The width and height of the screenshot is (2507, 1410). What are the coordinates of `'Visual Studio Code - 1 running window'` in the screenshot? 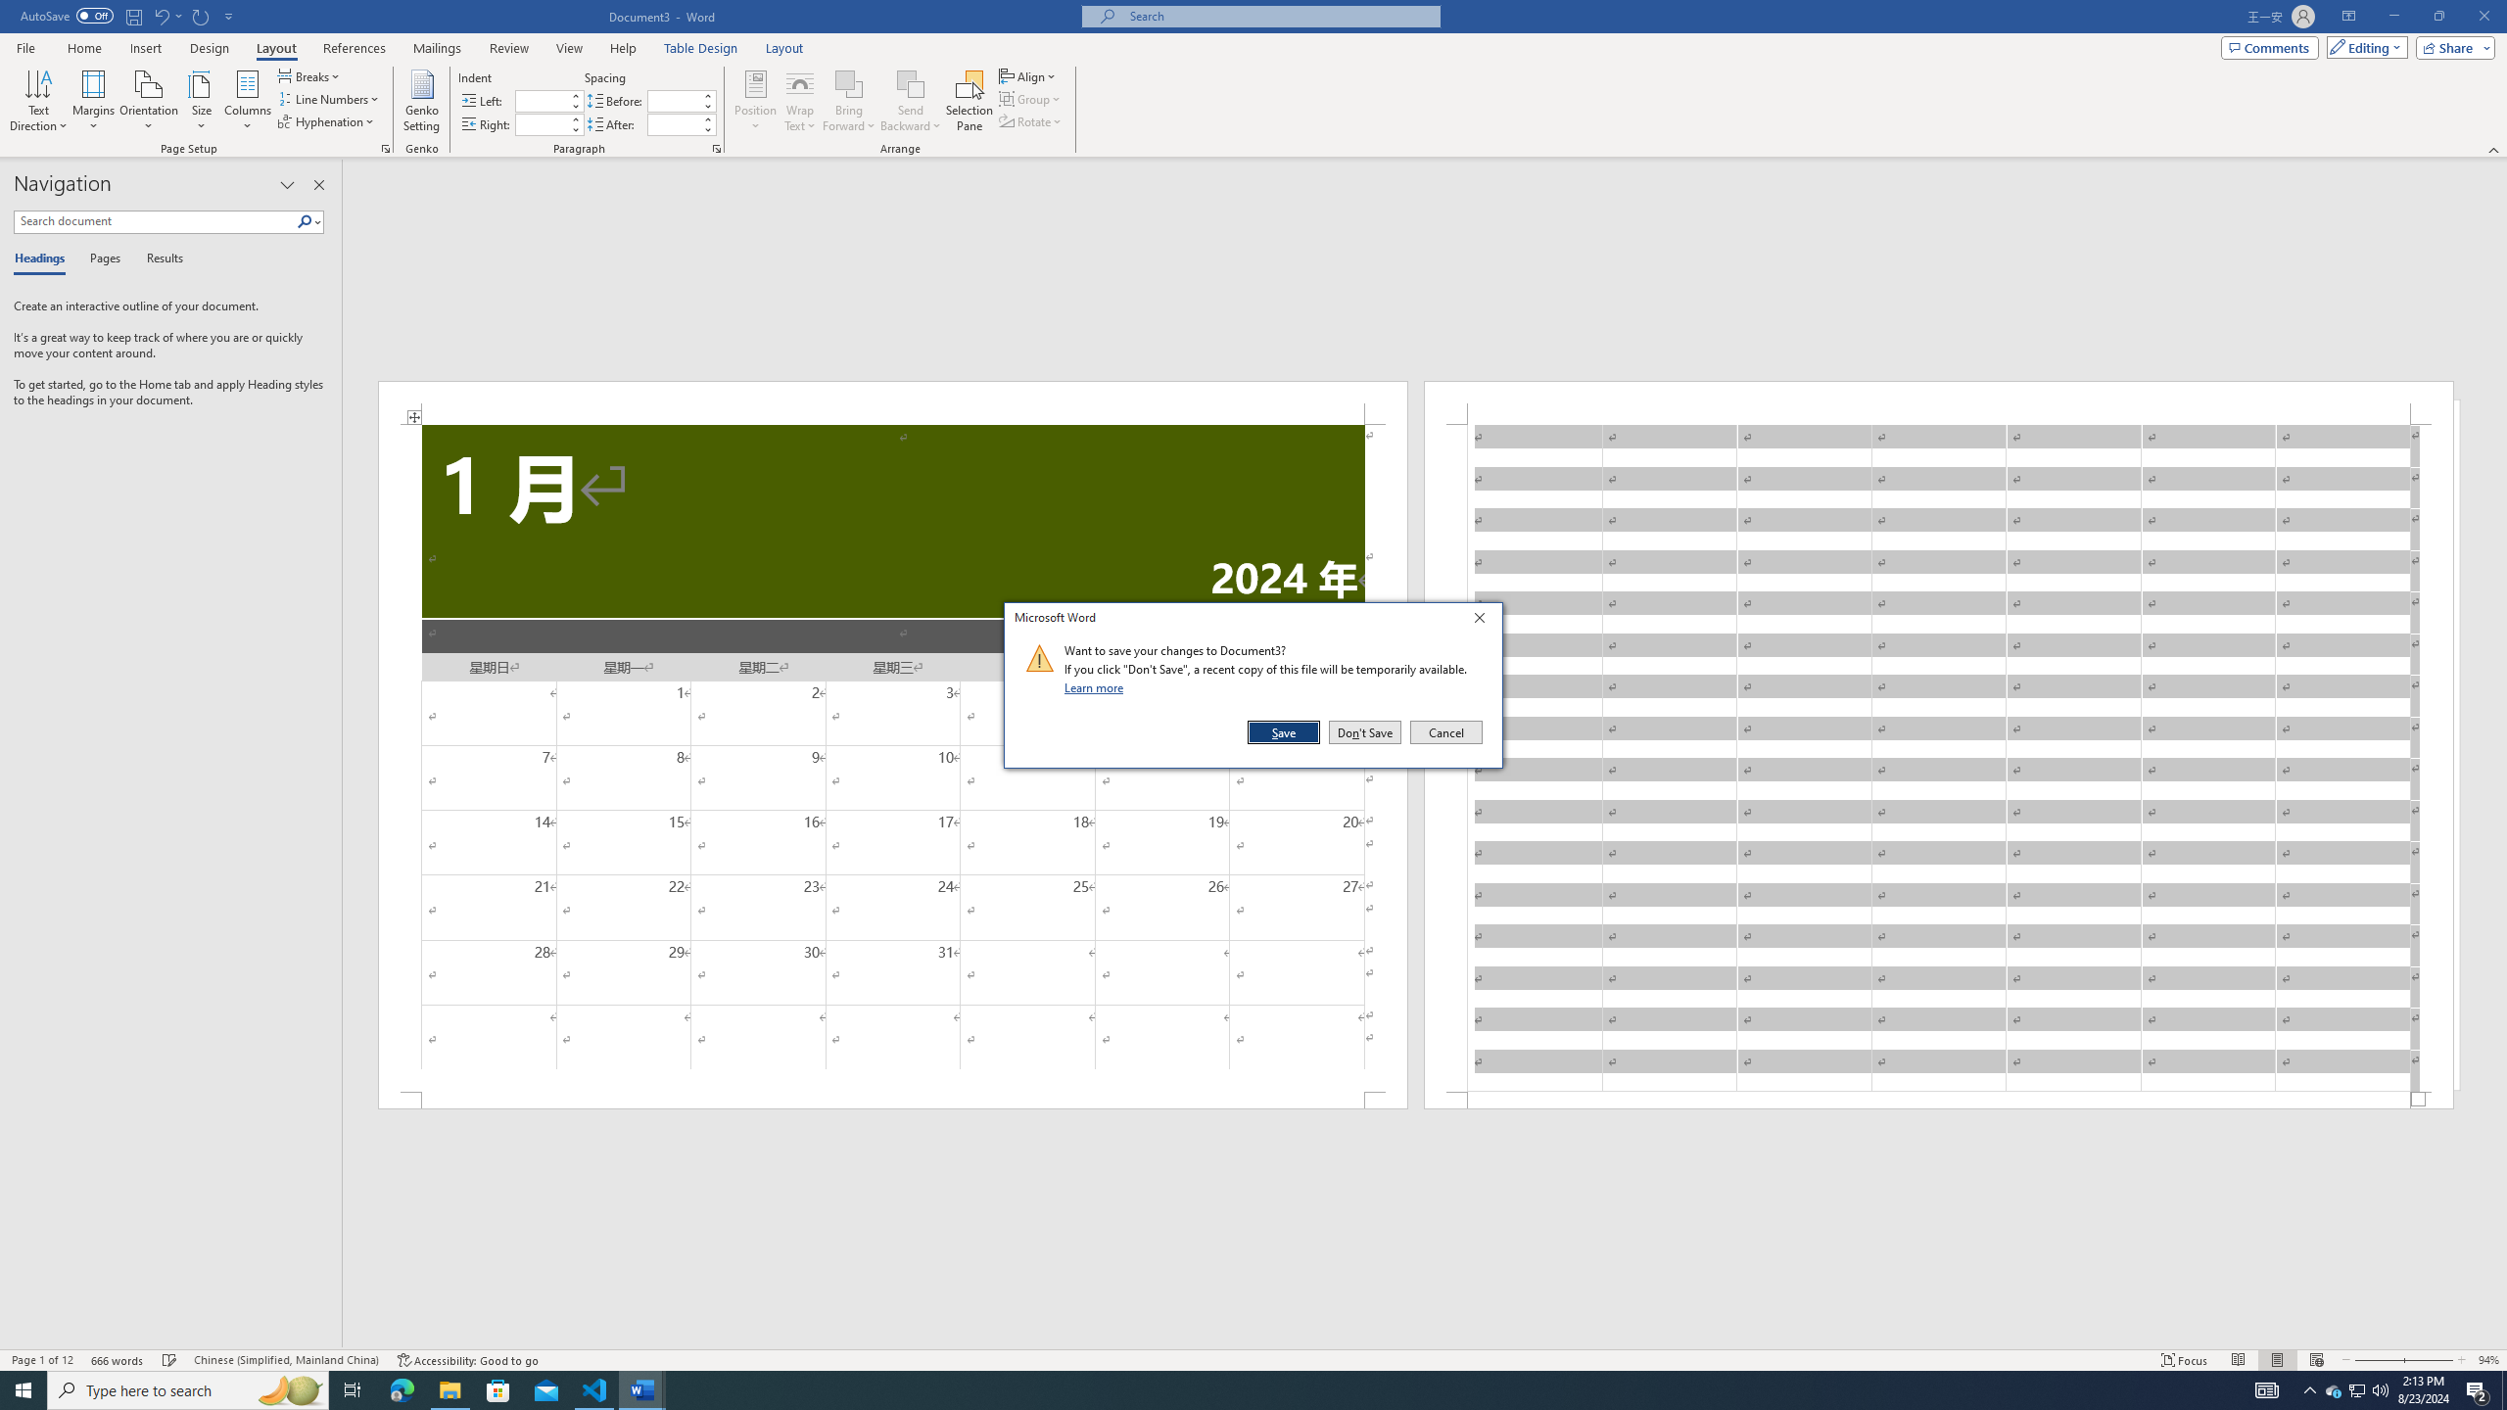 It's located at (594, 1388).